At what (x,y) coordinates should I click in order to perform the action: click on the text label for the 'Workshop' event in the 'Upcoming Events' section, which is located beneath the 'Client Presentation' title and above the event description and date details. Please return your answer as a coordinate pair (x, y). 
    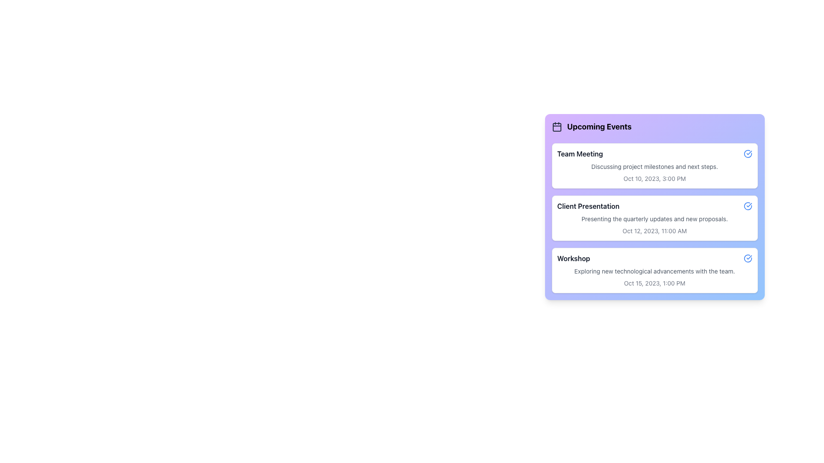
    Looking at the image, I should click on (573, 258).